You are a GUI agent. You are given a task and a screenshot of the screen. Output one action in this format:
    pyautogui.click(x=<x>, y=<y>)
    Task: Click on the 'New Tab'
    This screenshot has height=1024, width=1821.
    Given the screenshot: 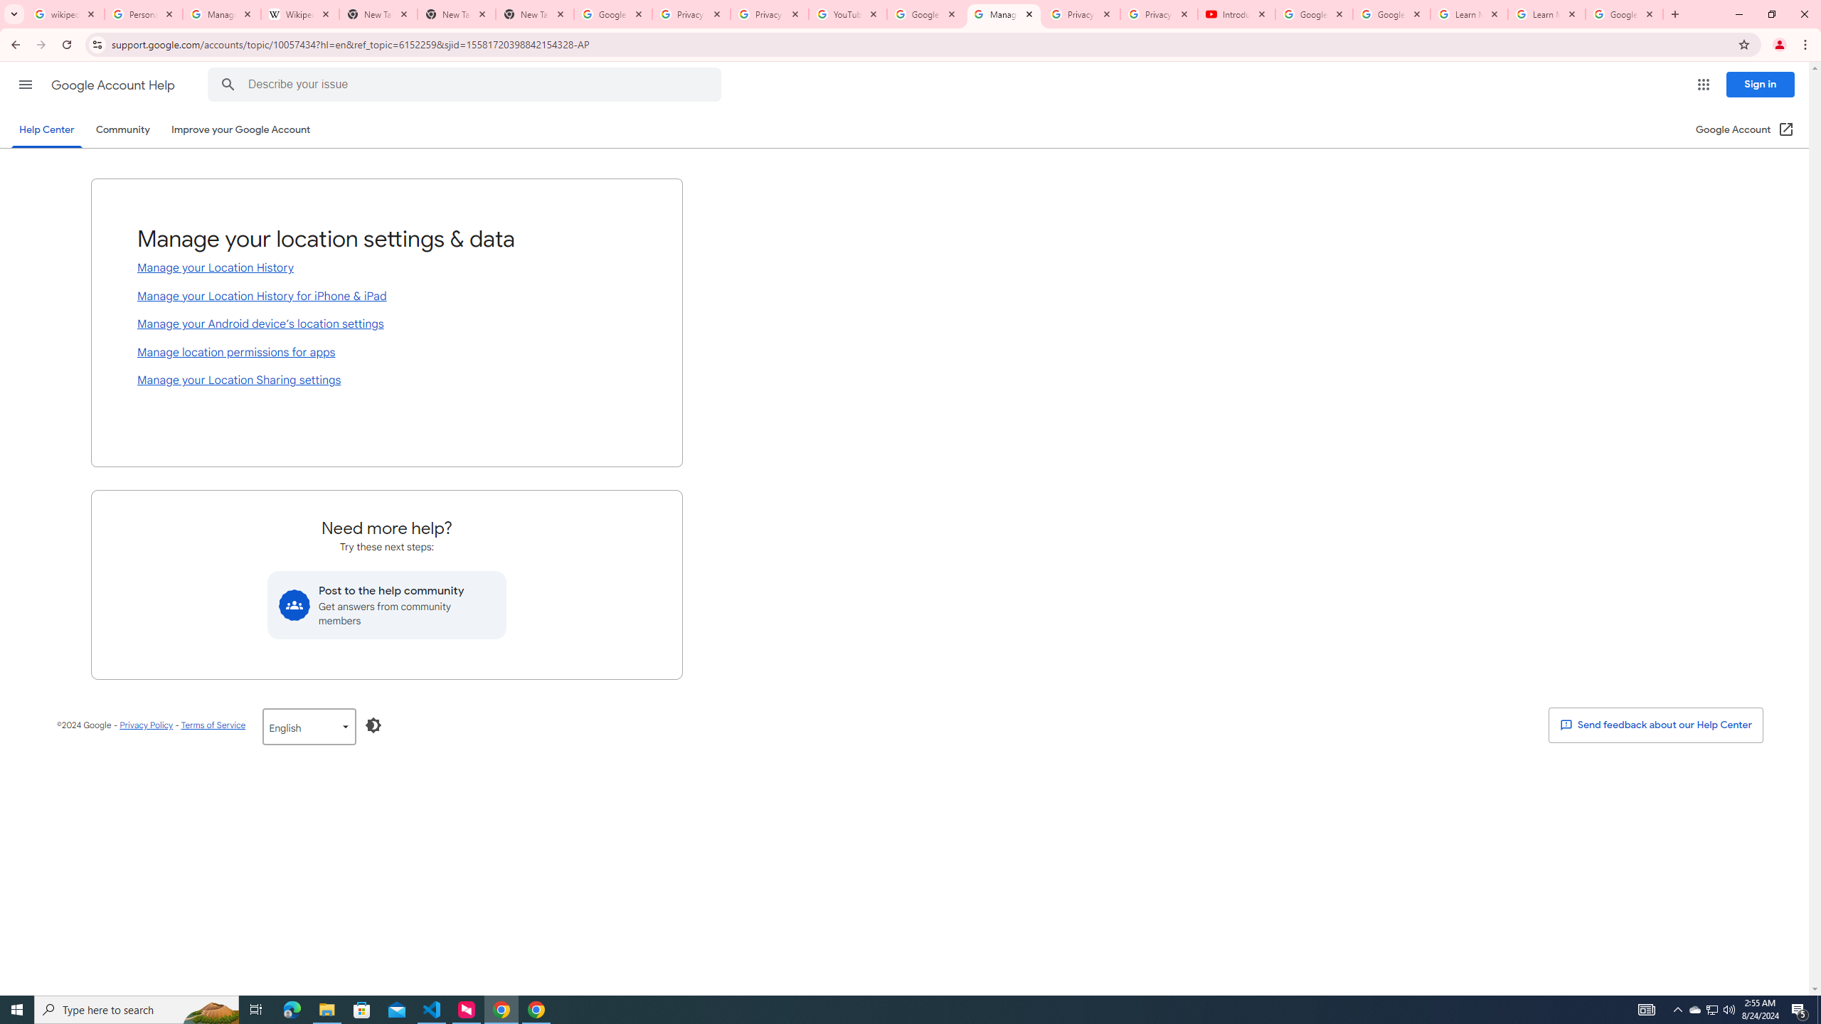 What is the action you would take?
    pyautogui.click(x=456, y=14)
    